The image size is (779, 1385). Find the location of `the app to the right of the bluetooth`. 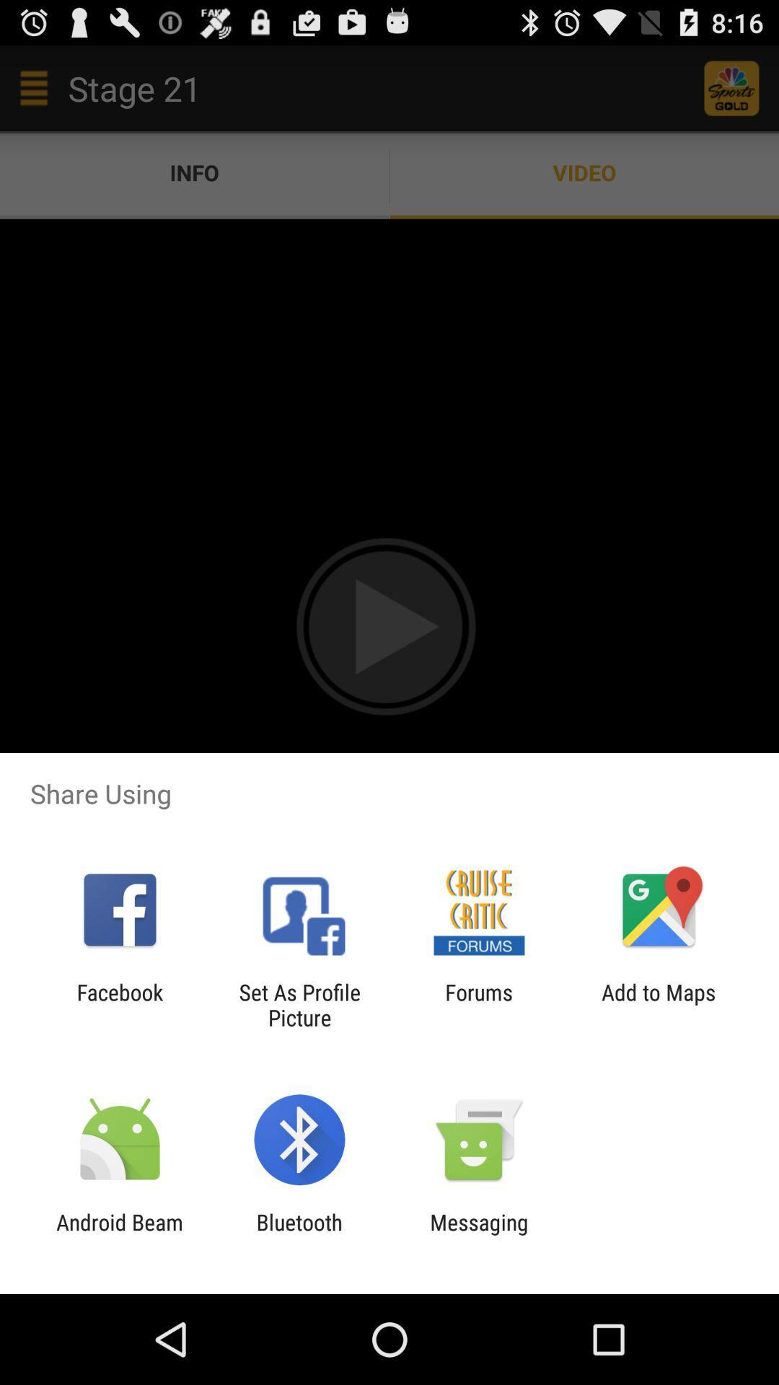

the app to the right of the bluetooth is located at coordinates (479, 1234).